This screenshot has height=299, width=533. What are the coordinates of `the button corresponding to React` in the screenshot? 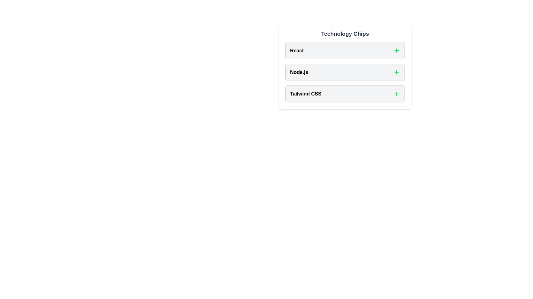 It's located at (396, 50).